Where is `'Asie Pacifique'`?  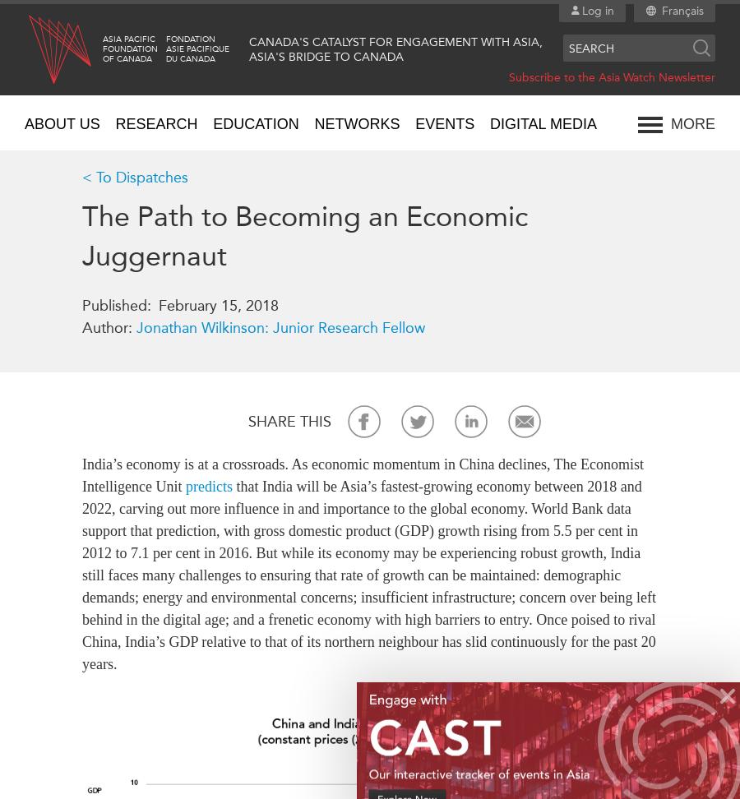
'Asie Pacifique' is located at coordinates (197, 48).